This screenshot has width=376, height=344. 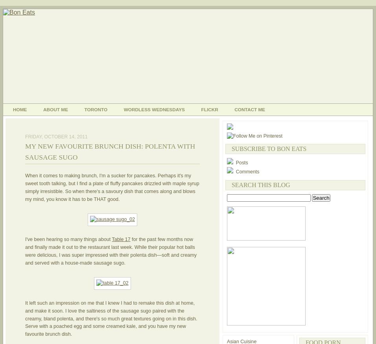 I want to click on 'Toronto', so click(x=95, y=109).